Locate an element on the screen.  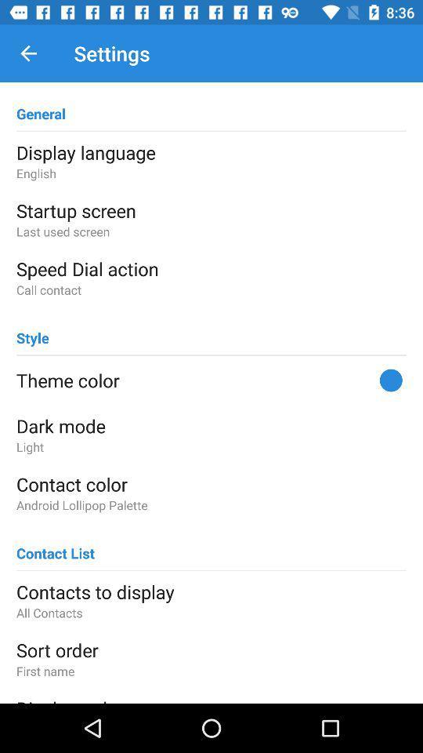
android lollipop palette item is located at coordinates (211, 504).